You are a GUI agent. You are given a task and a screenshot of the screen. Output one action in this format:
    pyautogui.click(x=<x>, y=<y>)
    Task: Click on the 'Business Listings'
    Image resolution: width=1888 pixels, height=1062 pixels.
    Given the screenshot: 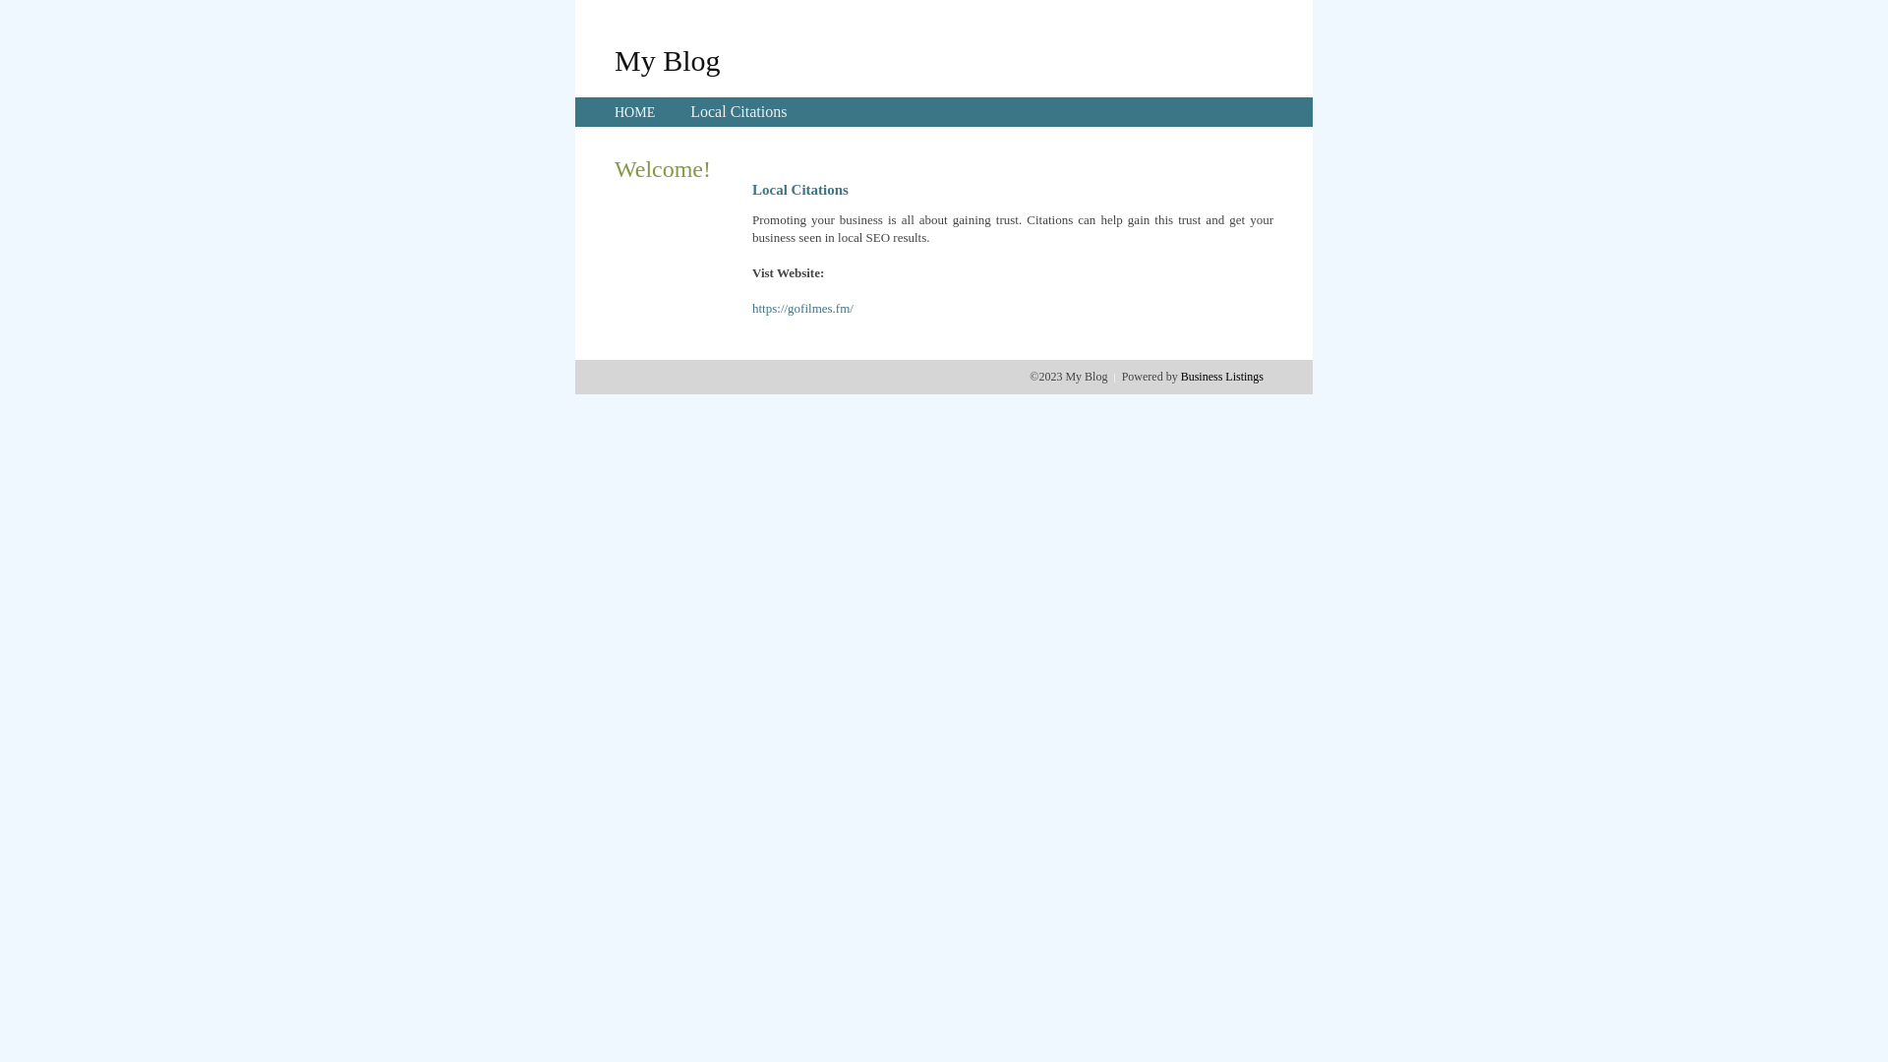 What is the action you would take?
    pyautogui.click(x=1180, y=376)
    